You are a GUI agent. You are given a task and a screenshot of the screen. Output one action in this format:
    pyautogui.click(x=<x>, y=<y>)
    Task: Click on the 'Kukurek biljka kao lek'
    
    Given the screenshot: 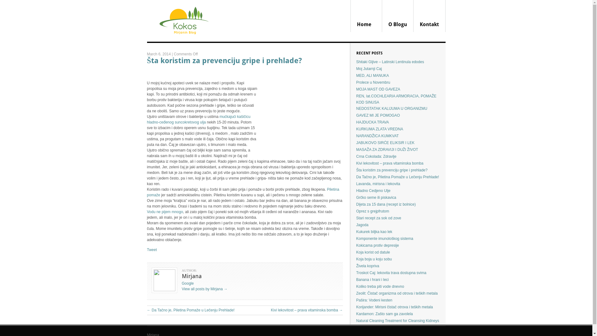 What is the action you would take?
    pyautogui.click(x=374, y=231)
    